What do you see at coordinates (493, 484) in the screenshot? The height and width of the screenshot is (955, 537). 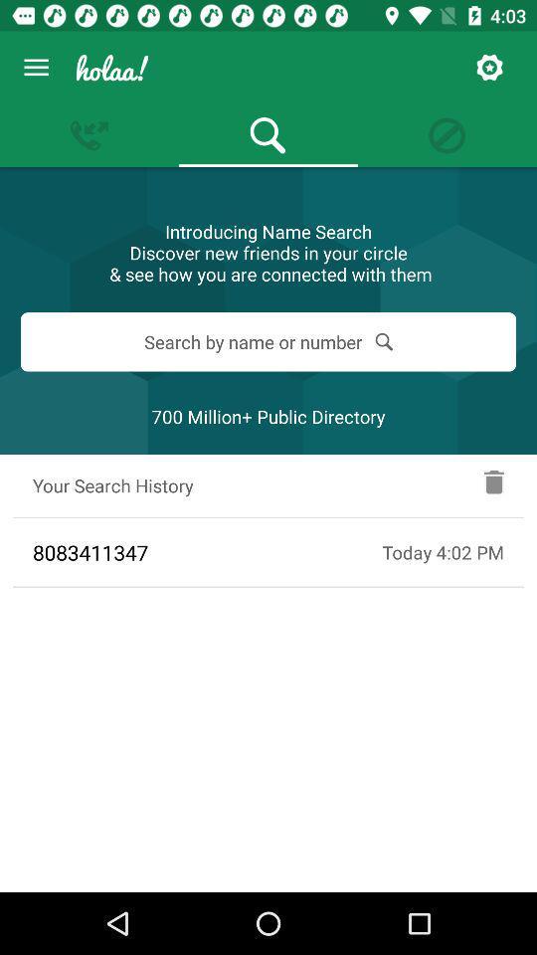 I see `delete the search history` at bounding box center [493, 484].